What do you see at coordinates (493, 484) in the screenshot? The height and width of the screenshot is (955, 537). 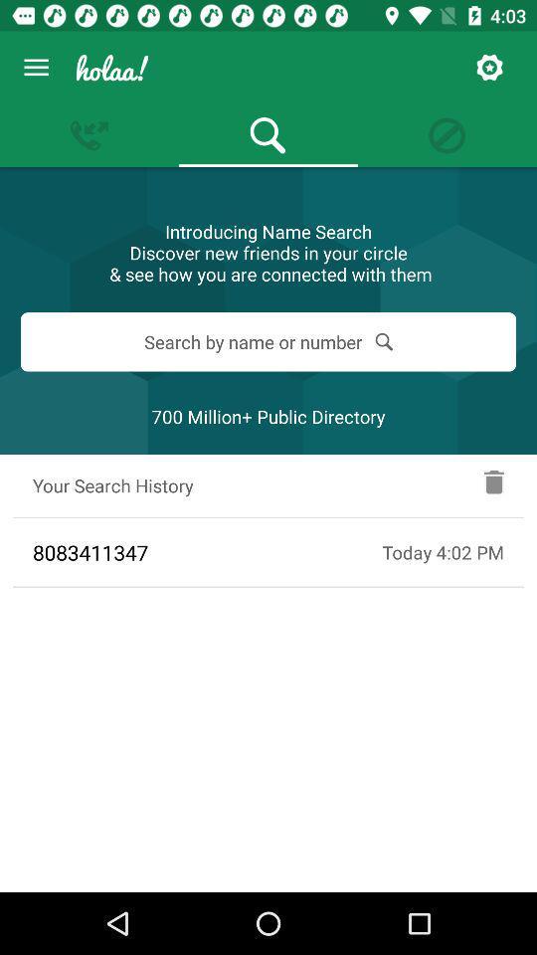 I see `delete the search history` at bounding box center [493, 484].